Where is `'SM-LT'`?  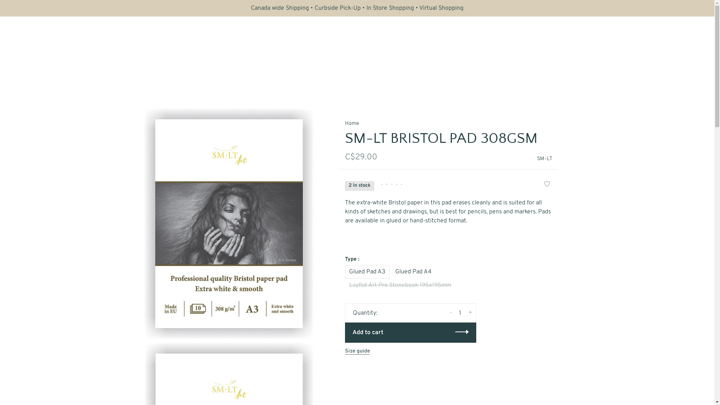 'SM-LT' is located at coordinates (544, 158).